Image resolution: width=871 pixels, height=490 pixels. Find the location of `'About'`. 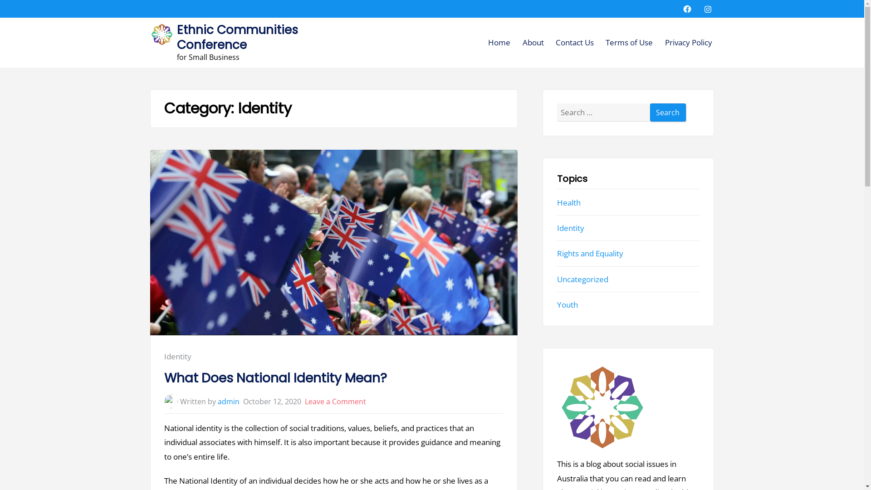

'About' is located at coordinates (523, 42).